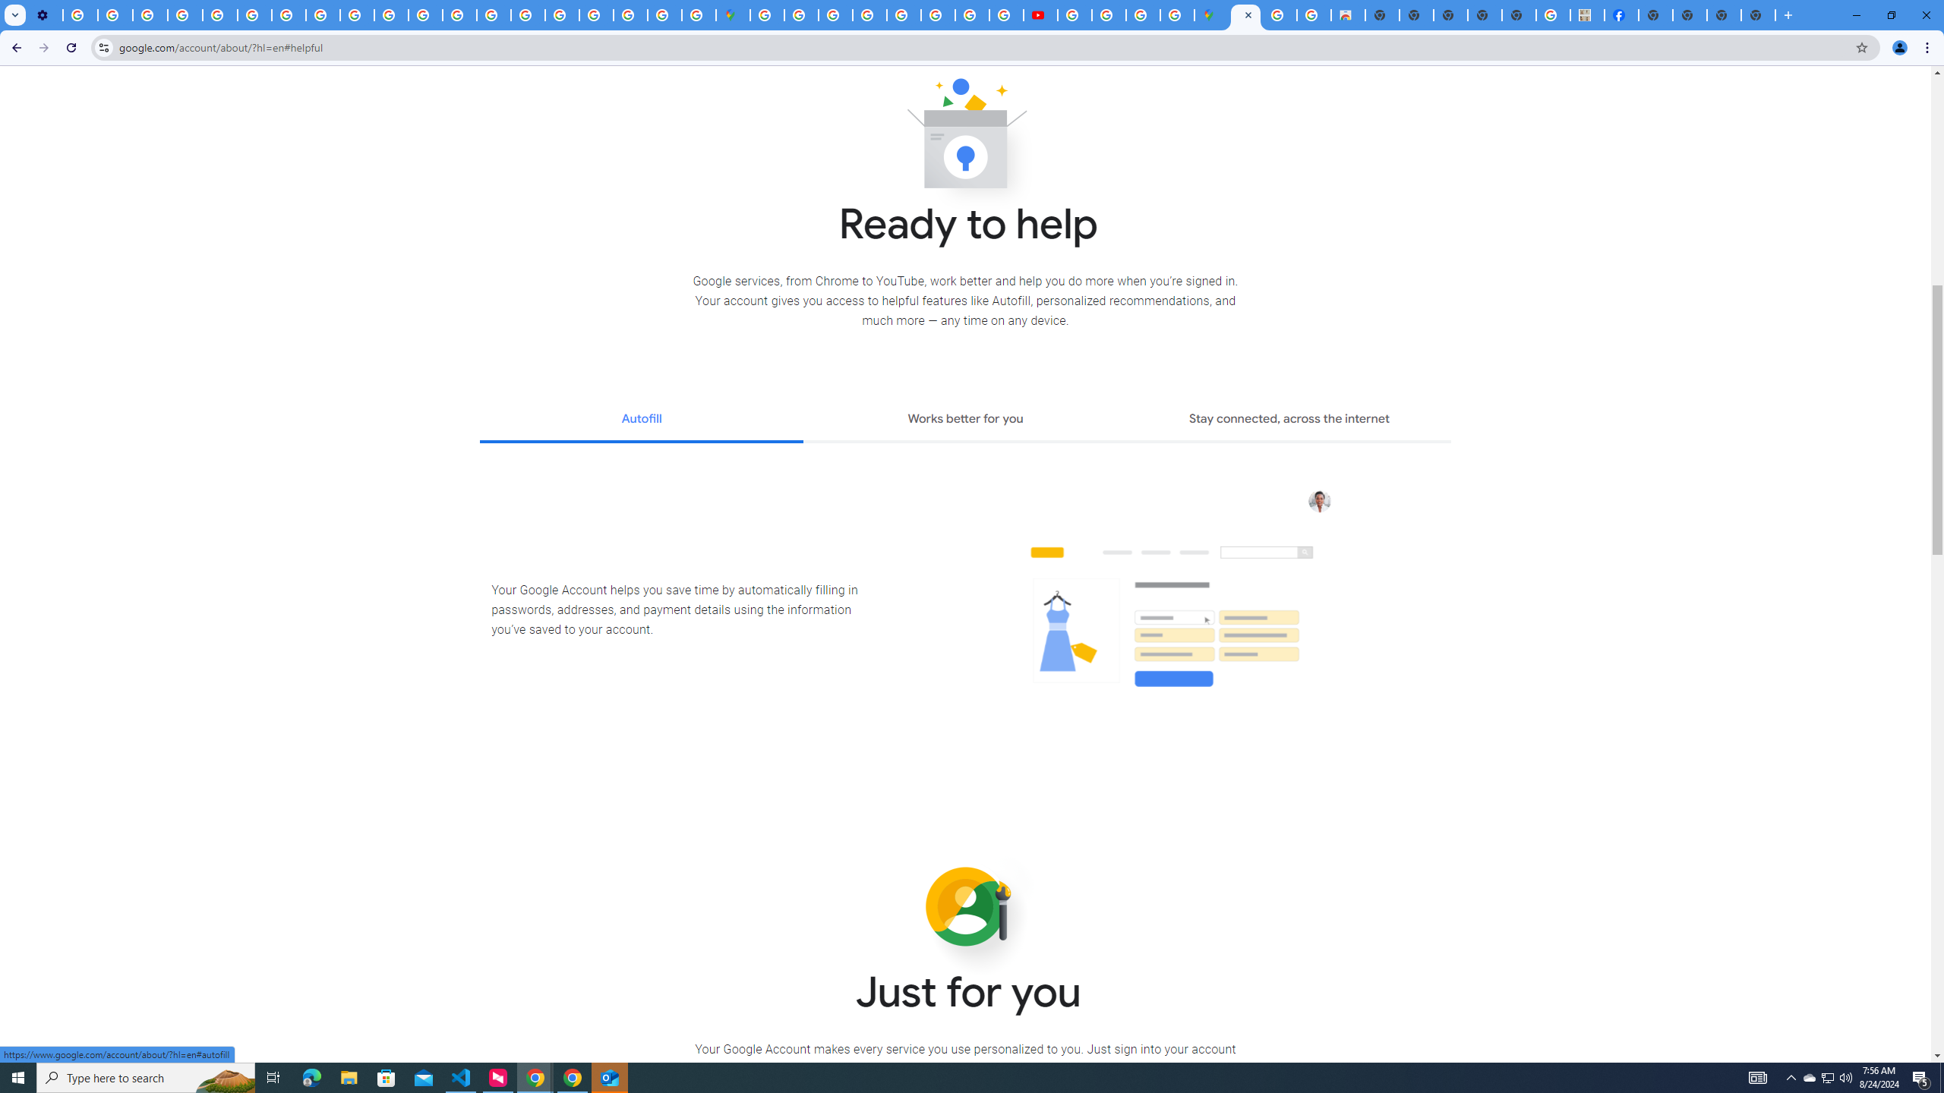 The width and height of the screenshot is (1944, 1093). I want to click on 'New Tab', so click(1654, 14).